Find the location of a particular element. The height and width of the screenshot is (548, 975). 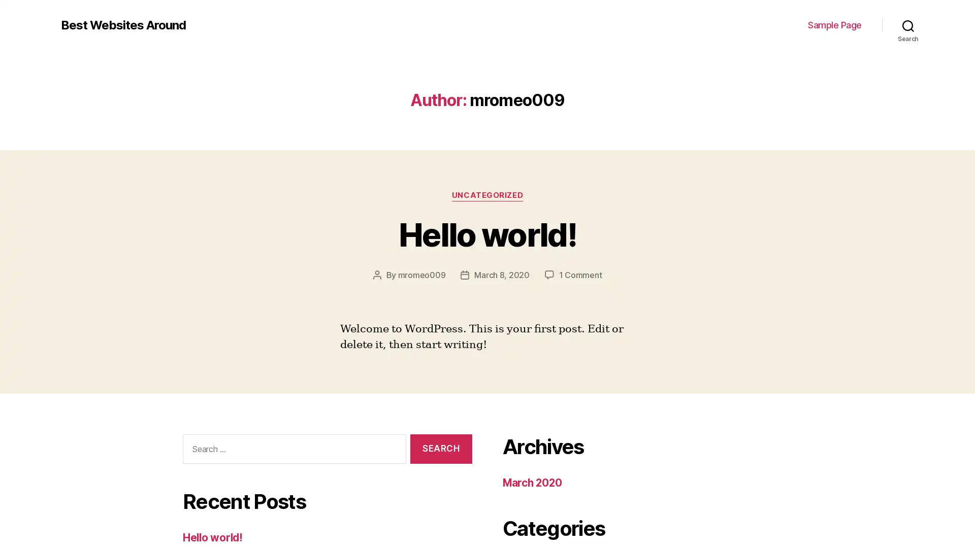

Search is located at coordinates (908, 25).